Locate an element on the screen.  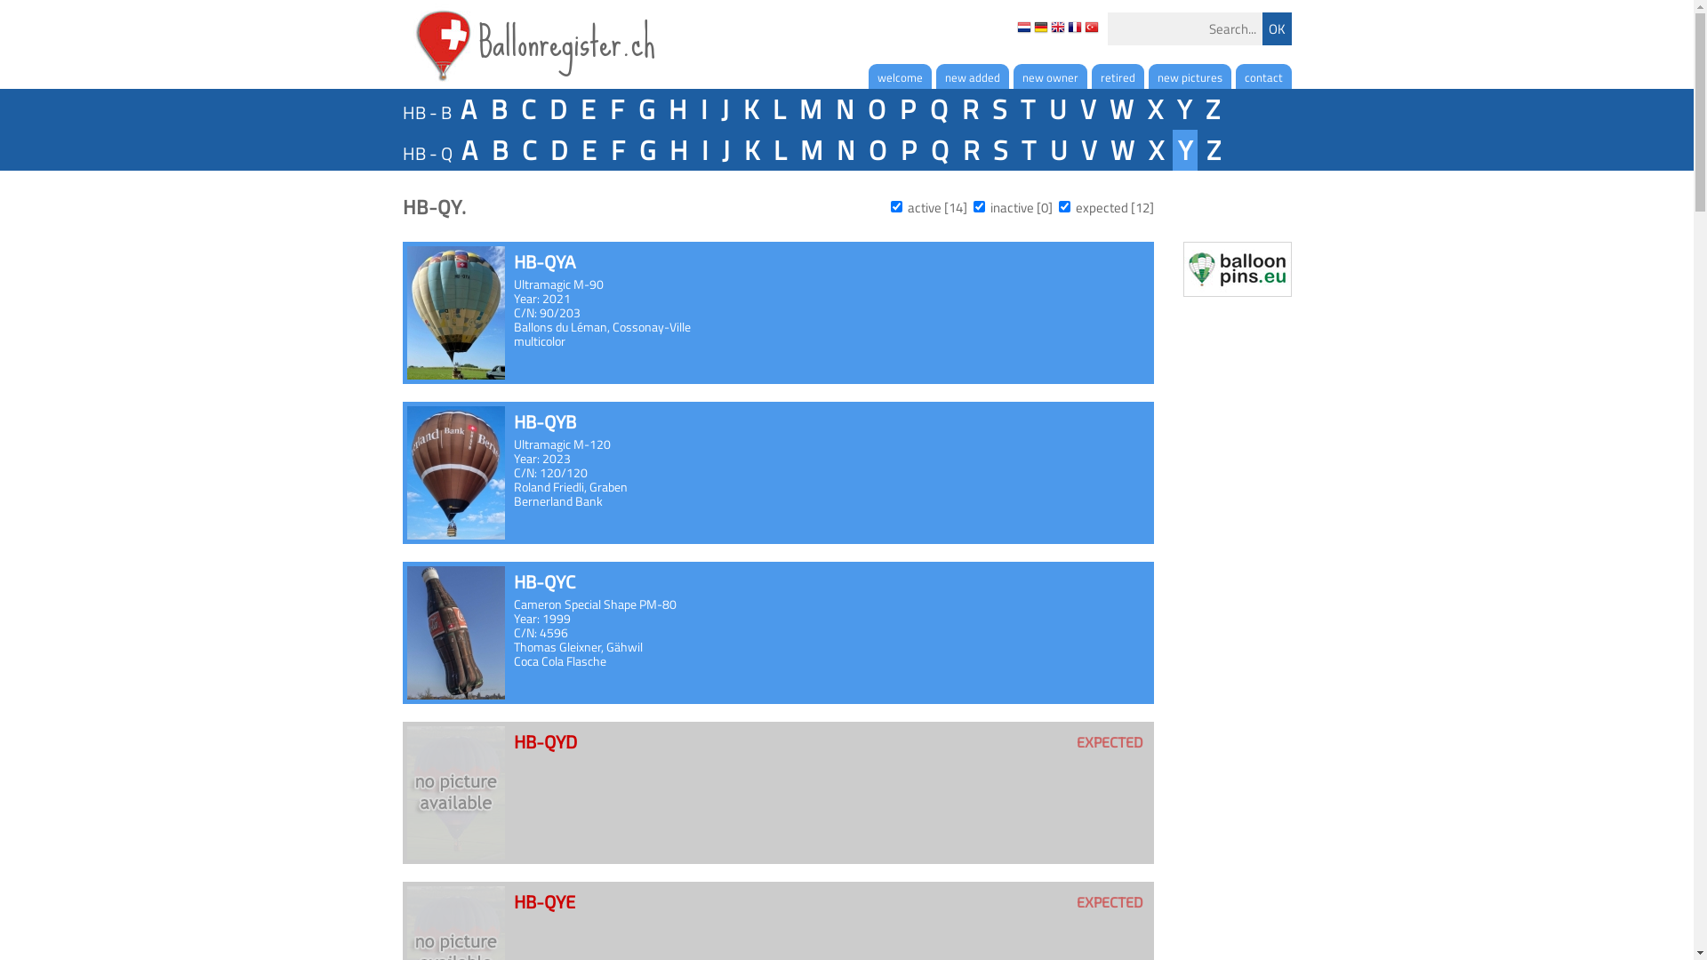
'G' is located at coordinates (632, 109).